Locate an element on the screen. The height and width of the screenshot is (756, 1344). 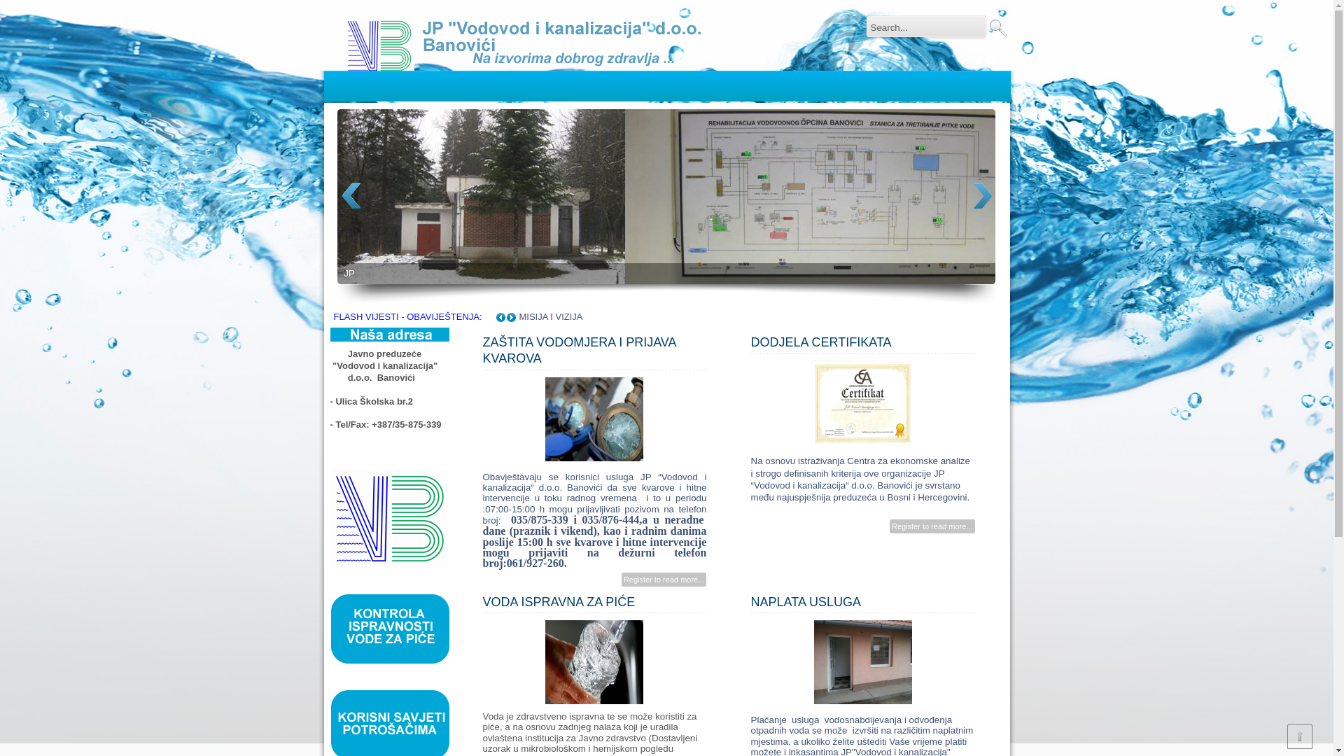
'Register to read more...' is located at coordinates (664, 580).